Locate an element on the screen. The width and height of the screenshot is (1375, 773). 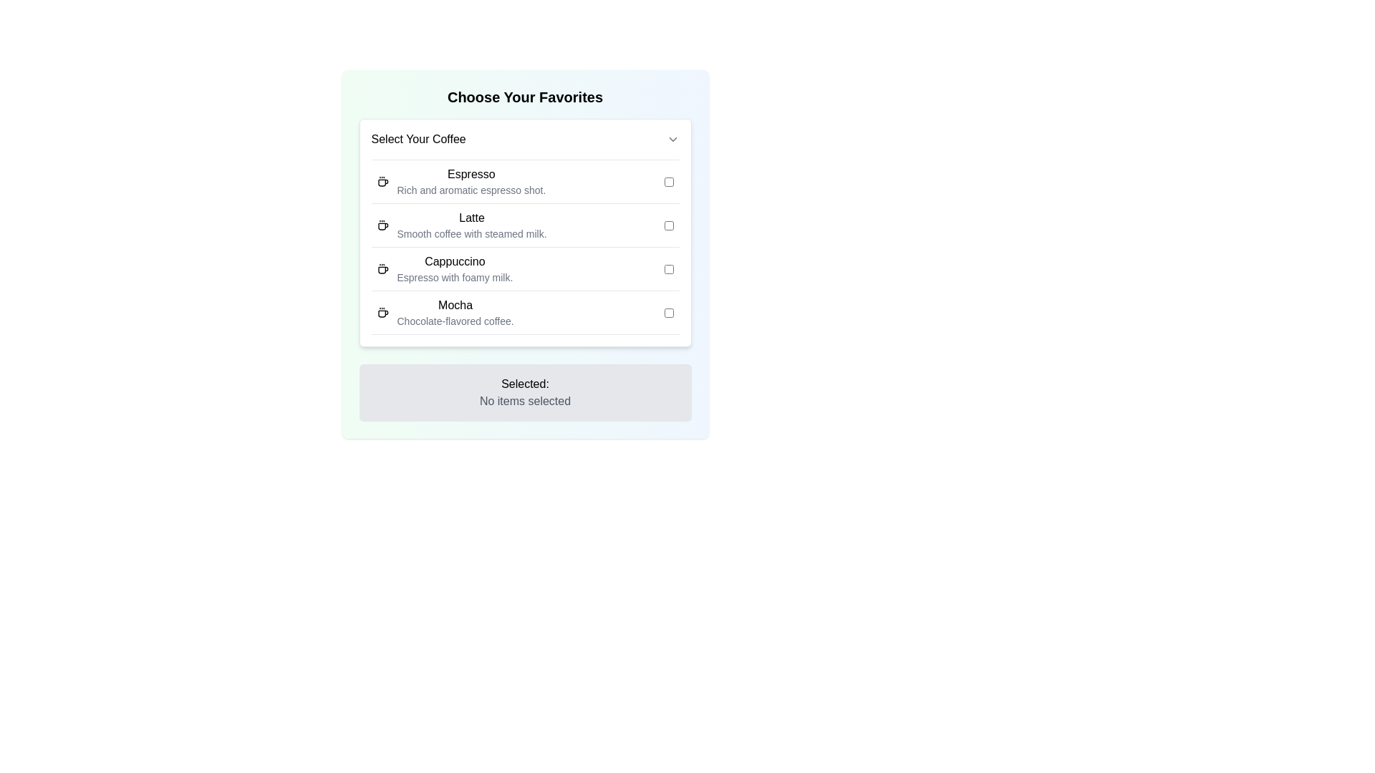
the 'Cappuccino' checkbox located under the title 'Select Your Coffee' is located at coordinates (668, 268).